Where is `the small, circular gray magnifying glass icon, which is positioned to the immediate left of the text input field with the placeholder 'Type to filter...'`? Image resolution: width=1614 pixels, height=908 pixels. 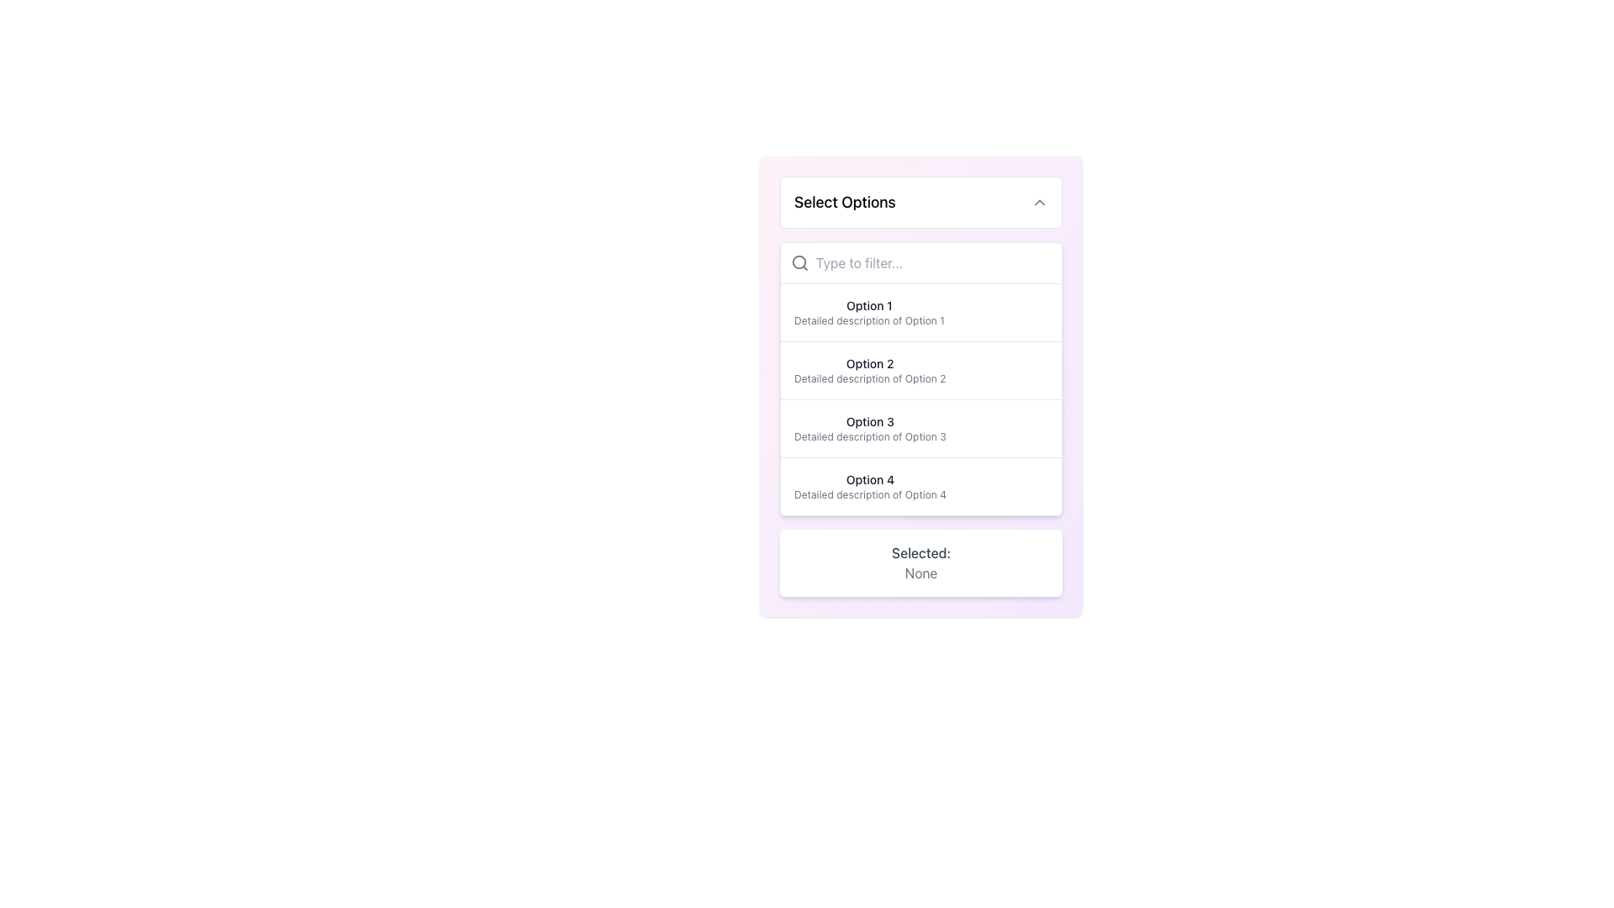 the small, circular gray magnifying glass icon, which is positioned to the immediate left of the text input field with the placeholder 'Type to filter...' is located at coordinates (799, 262).